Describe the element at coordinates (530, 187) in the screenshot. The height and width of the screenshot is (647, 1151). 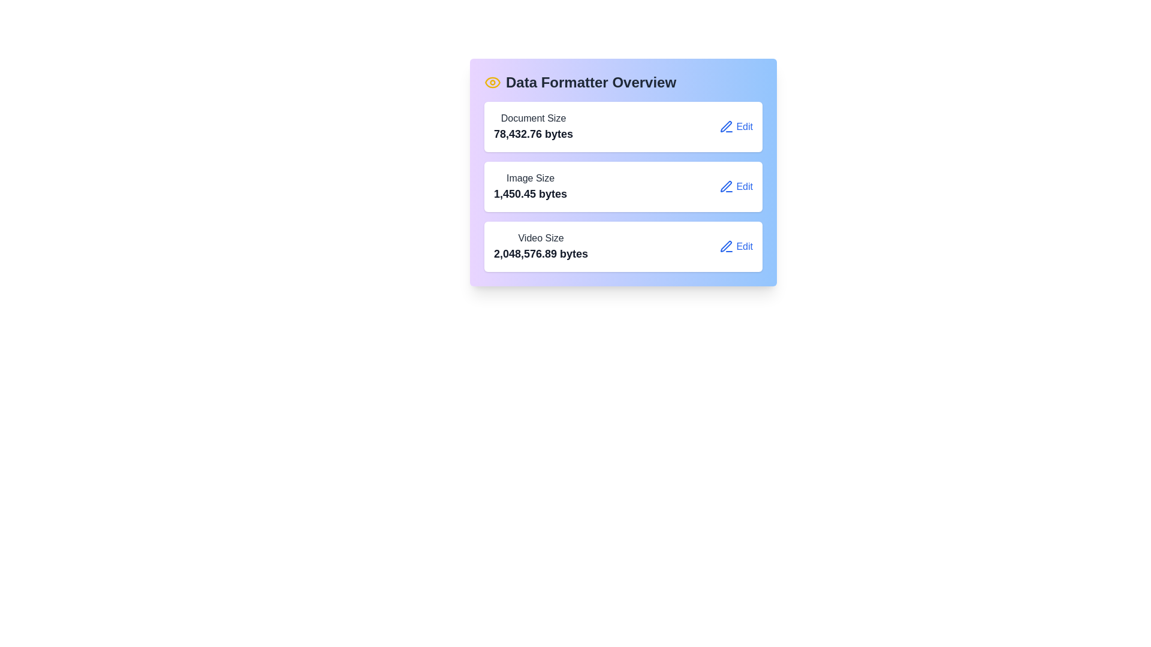
I see `the text display component showing 'Image Size' with the value '1,450.45 bytes', located in the second row of a vertical list of similar components` at that location.